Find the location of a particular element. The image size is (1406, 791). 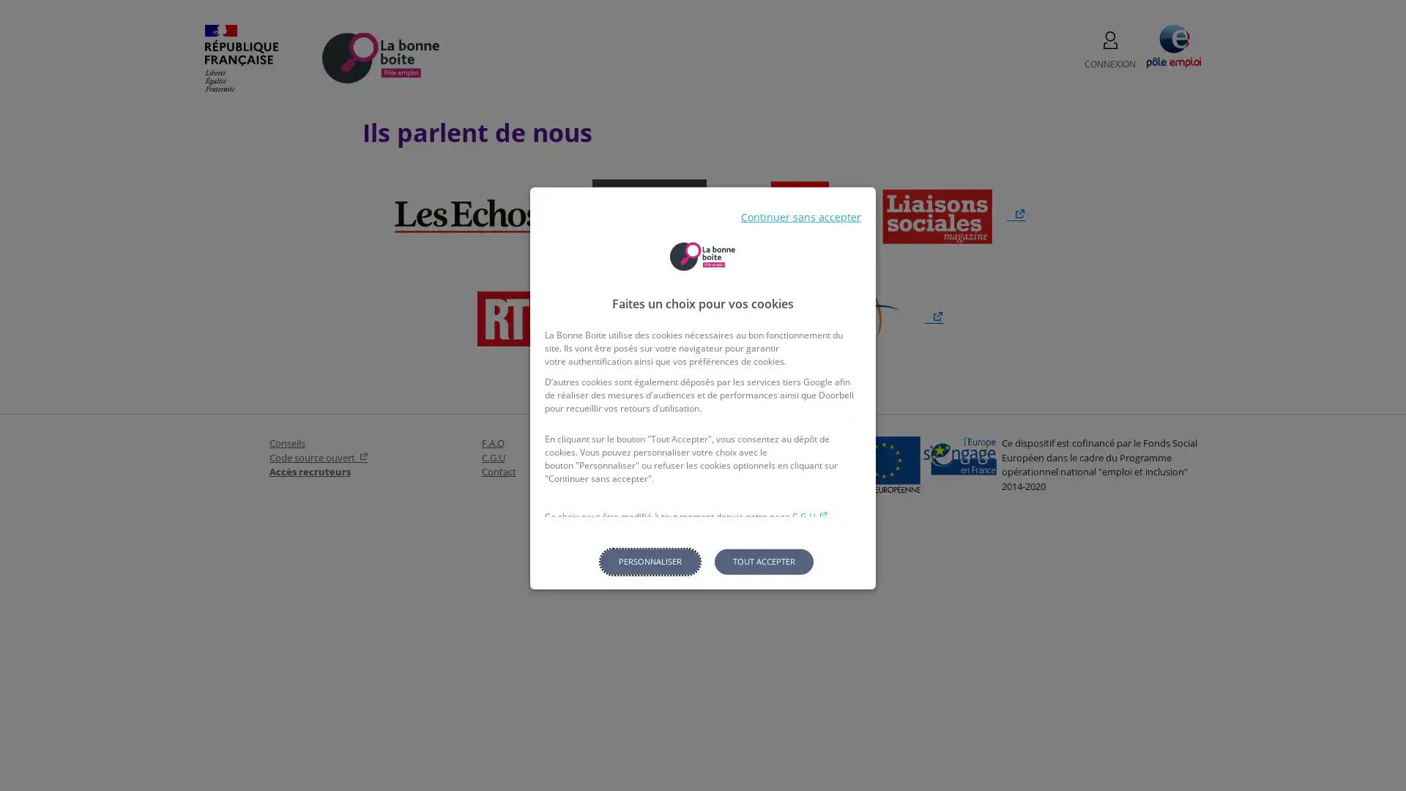

Tout accepter is located at coordinates (762, 560).